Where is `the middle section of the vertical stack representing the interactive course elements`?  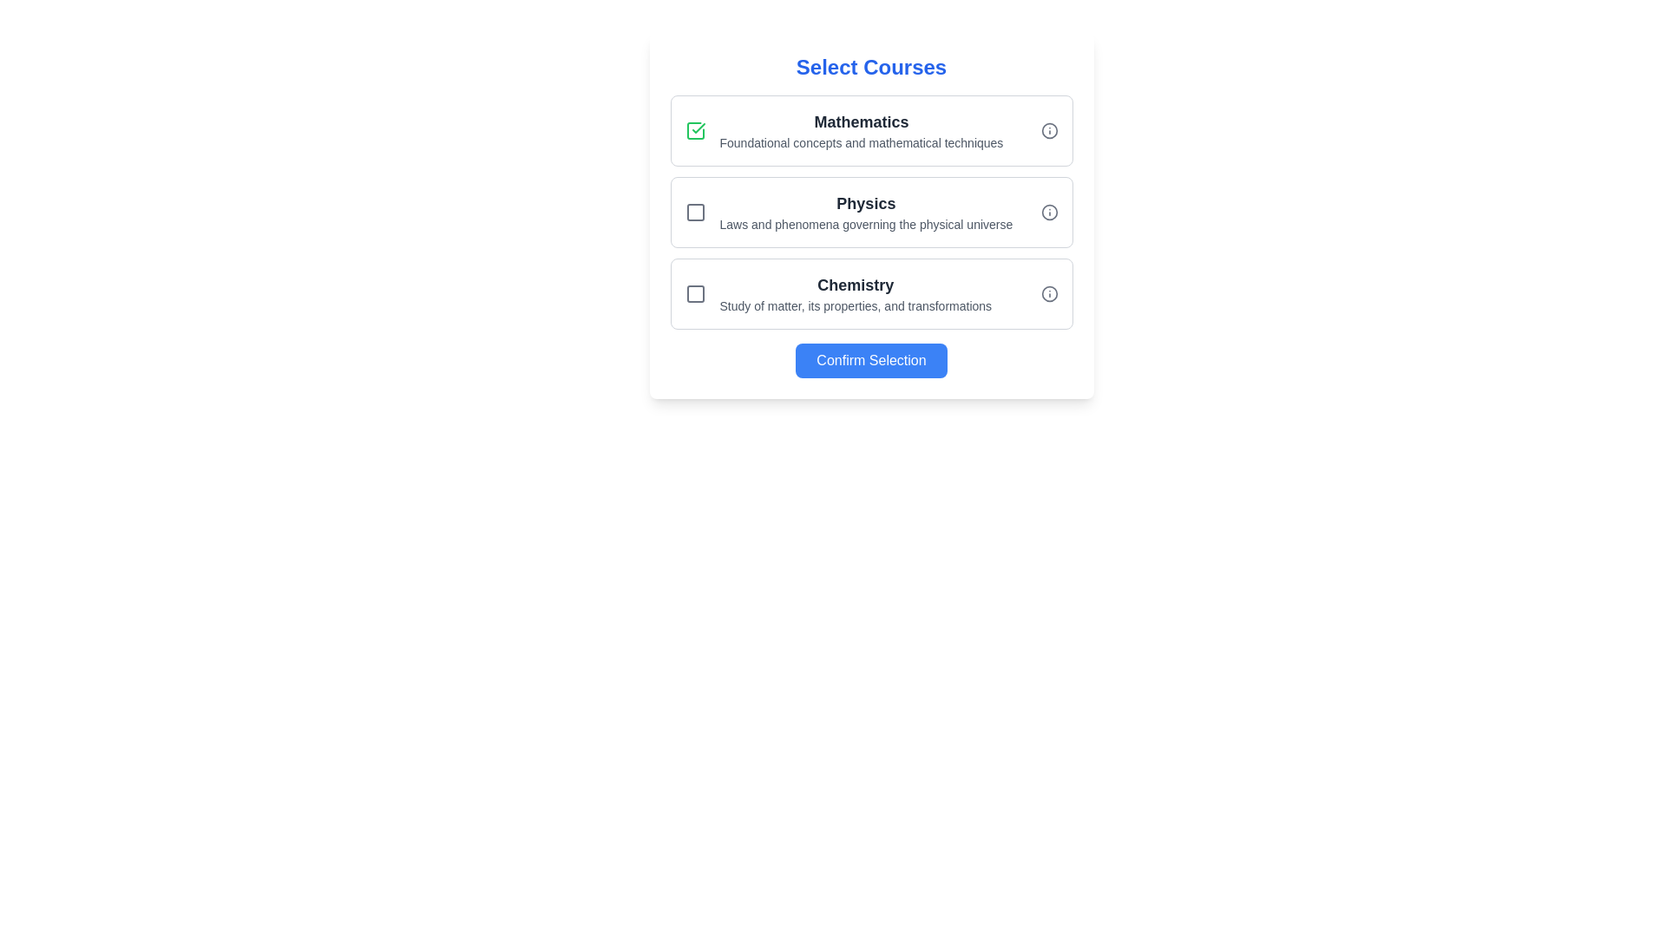 the middle section of the vertical stack representing the interactive course elements is located at coordinates (871, 212).